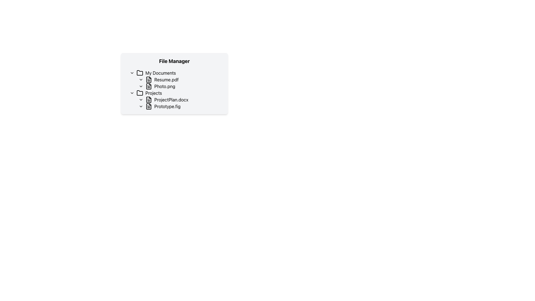 The width and height of the screenshot is (535, 301). What do you see at coordinates (140, 93) in the screenshot?
I see `the minimalist line-drawing folder icon located to the left of the 'Projects' text` at bounding box center [140, 93].